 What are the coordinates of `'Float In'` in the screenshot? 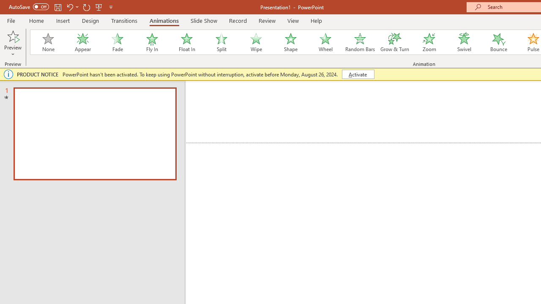 It's located at (186, 42).